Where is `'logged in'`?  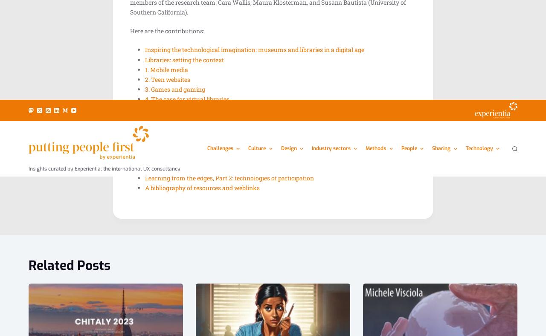 'logged in' is located at coordinates (149, 168).